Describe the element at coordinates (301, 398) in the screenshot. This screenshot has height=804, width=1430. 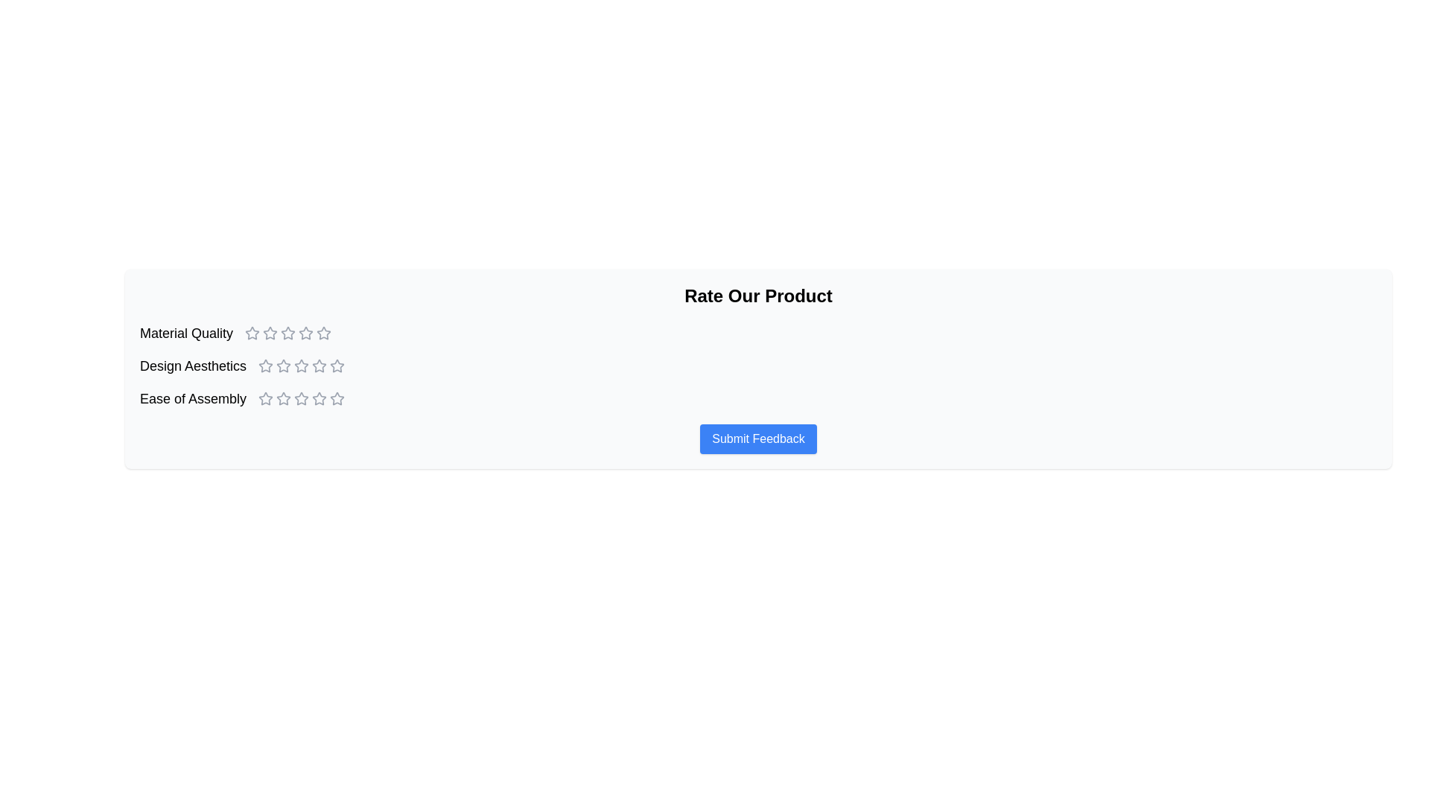
I see `the fourth star icon in the rating system under the 'Ease of Assembly' category to indicate potential selection` at that location.